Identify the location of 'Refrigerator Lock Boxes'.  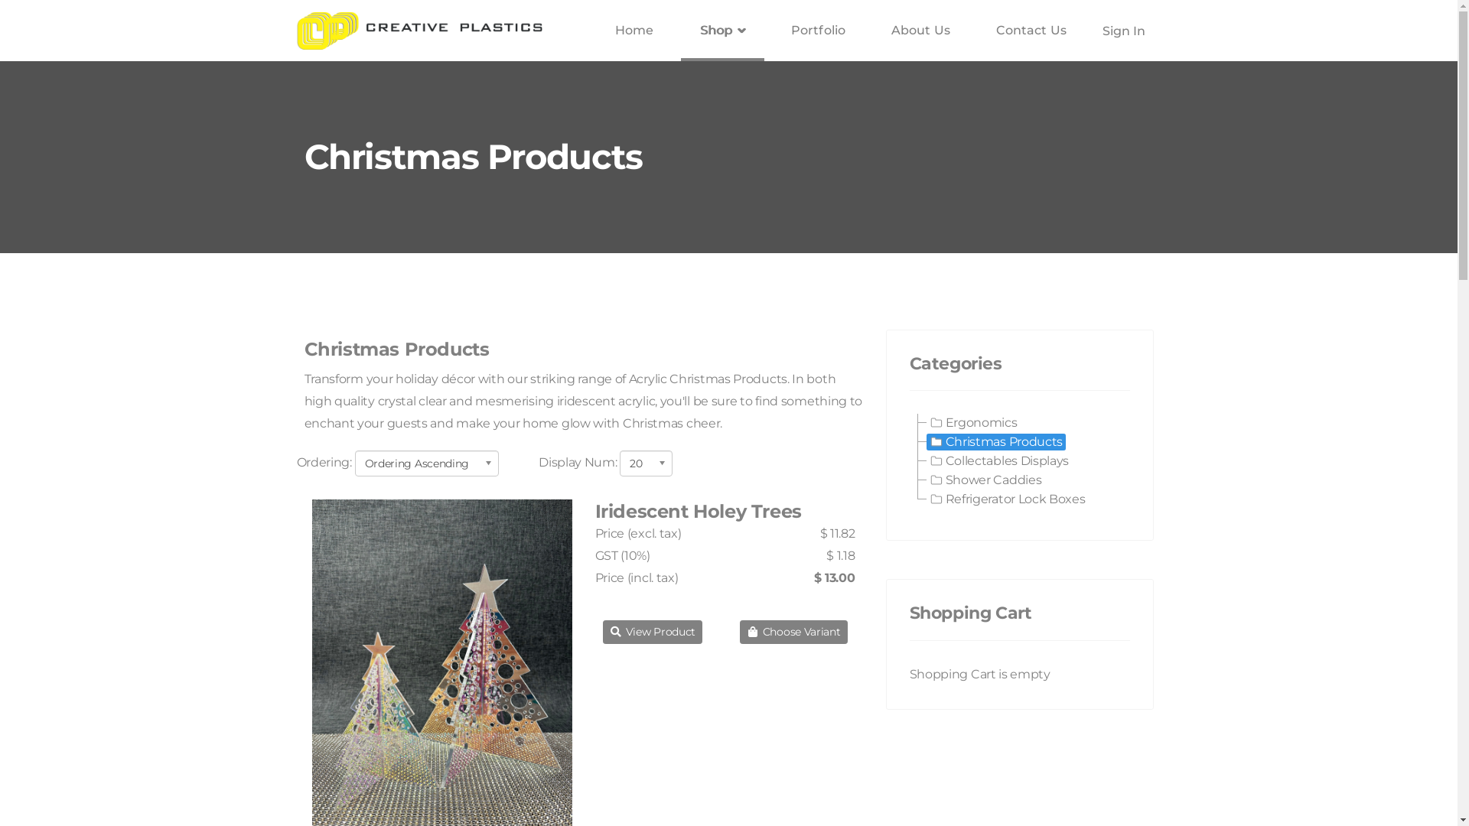
(1006, 499).